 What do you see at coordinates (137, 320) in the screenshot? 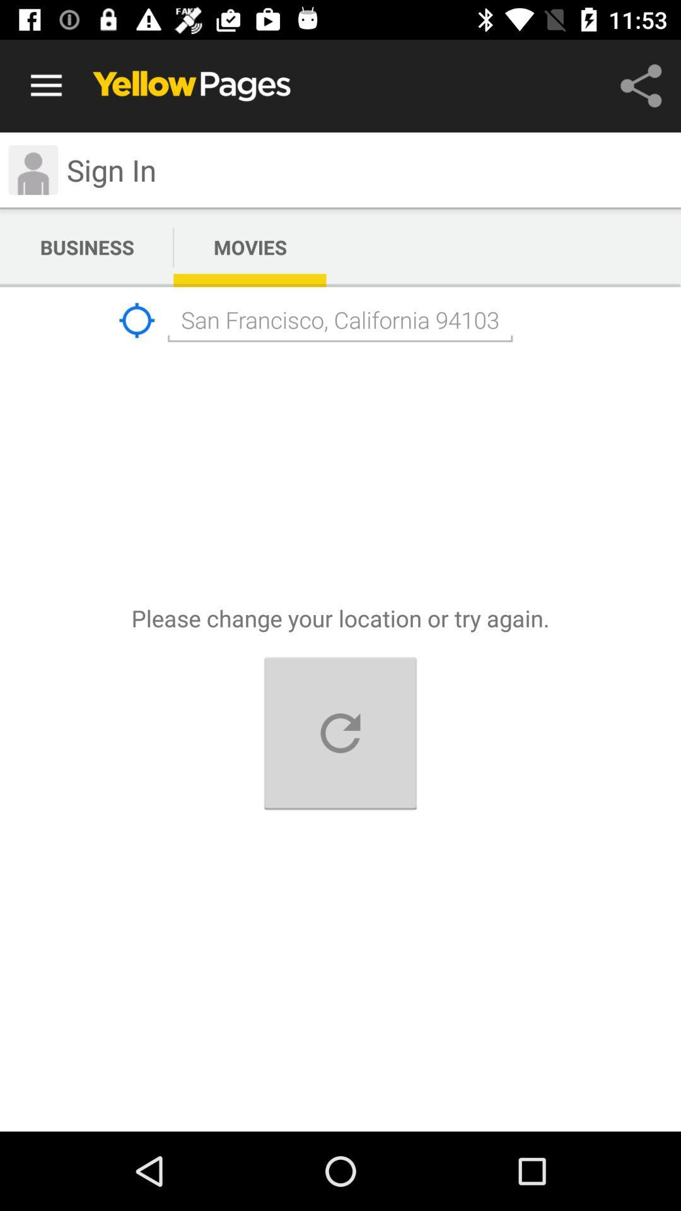
I see `the location tracker icon` at bounding box center [137, 320].